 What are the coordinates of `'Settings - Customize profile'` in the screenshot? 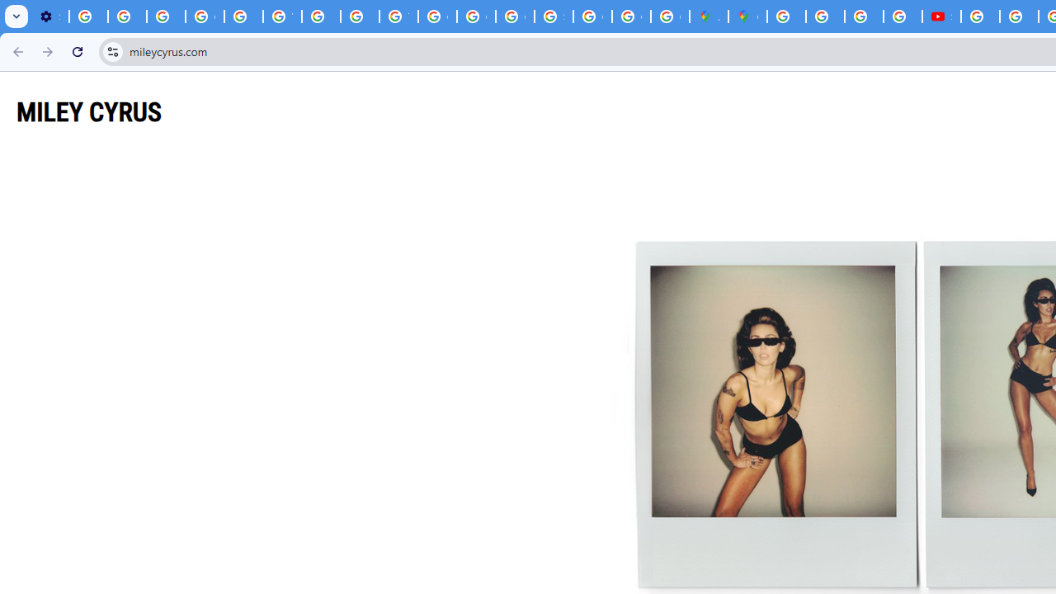 It's located at (49, 16).